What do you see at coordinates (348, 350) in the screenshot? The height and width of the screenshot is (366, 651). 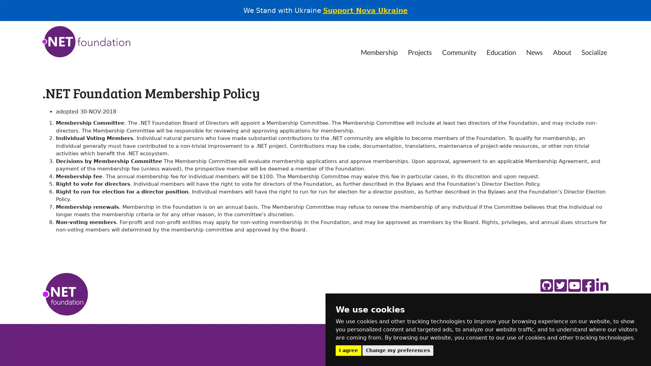 I see `I agree` at bounding box center [348, 350].